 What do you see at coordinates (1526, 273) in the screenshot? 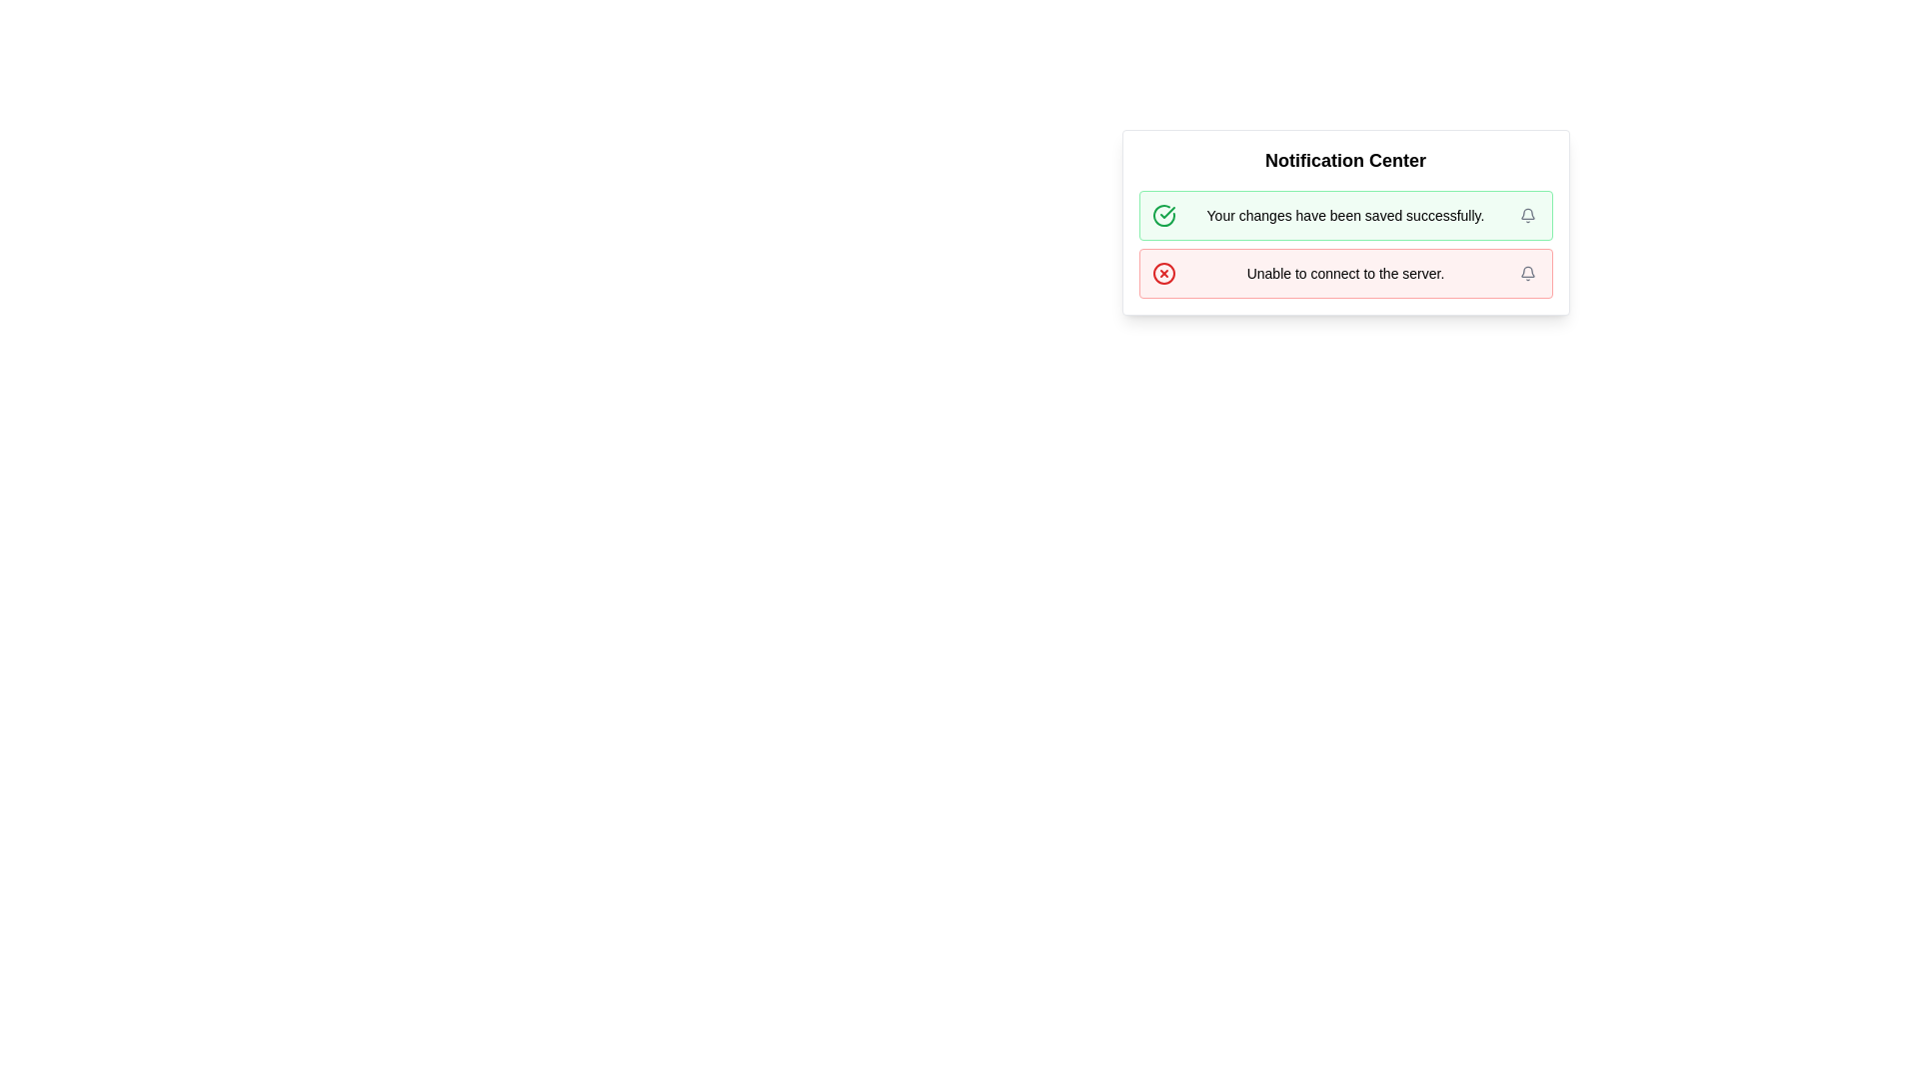
I see `the bell-shaped icon button with a gray outline located at the far right of the notification labeled 'Unable to connect to the server'` at bounding box center [1526, 273].